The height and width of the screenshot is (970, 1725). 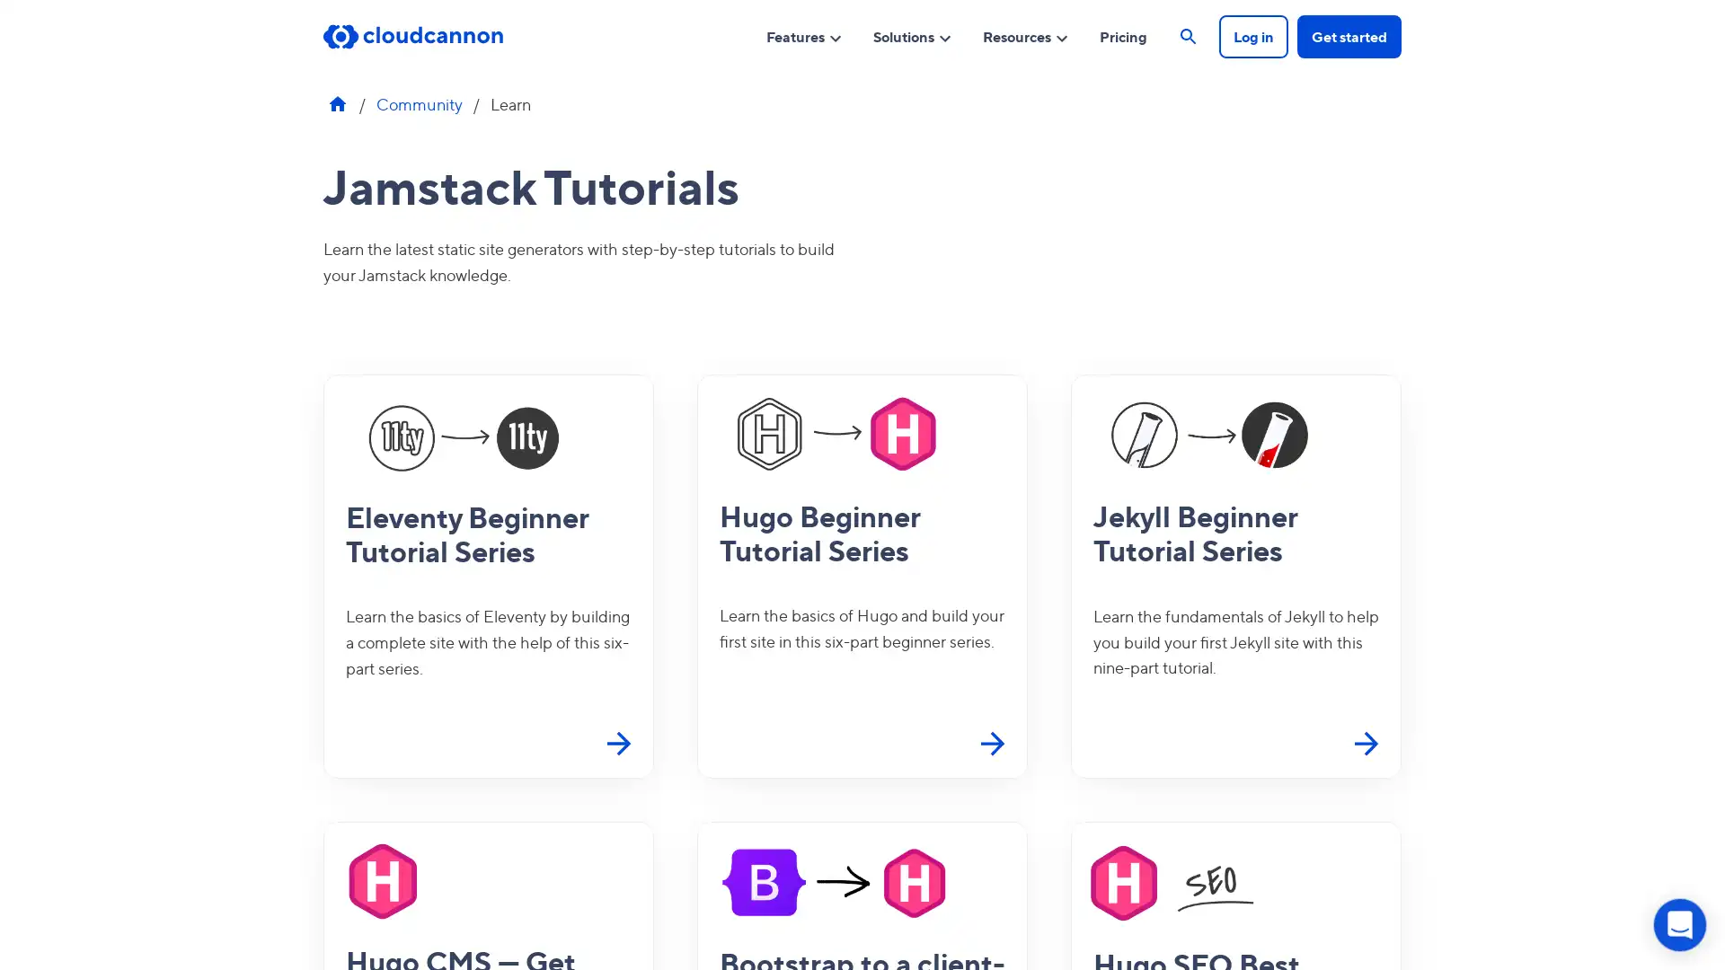 I want to click on Features, so click(x=803, y=35).